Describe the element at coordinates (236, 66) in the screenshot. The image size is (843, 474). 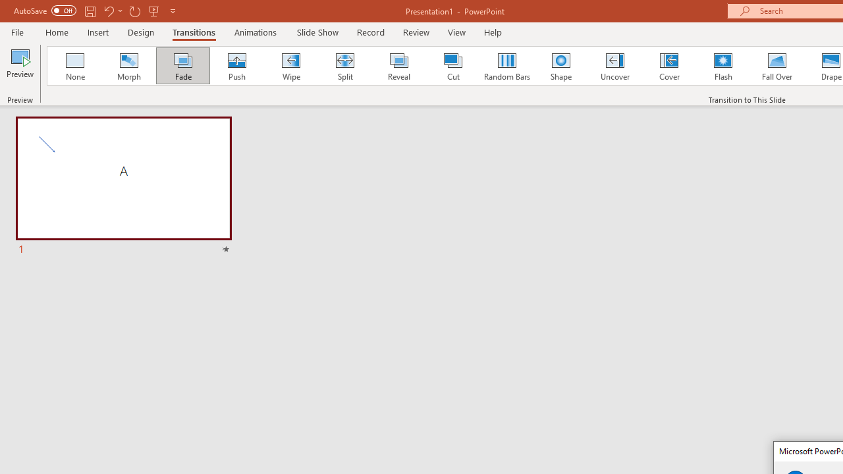
I see `'Push'` at that location.